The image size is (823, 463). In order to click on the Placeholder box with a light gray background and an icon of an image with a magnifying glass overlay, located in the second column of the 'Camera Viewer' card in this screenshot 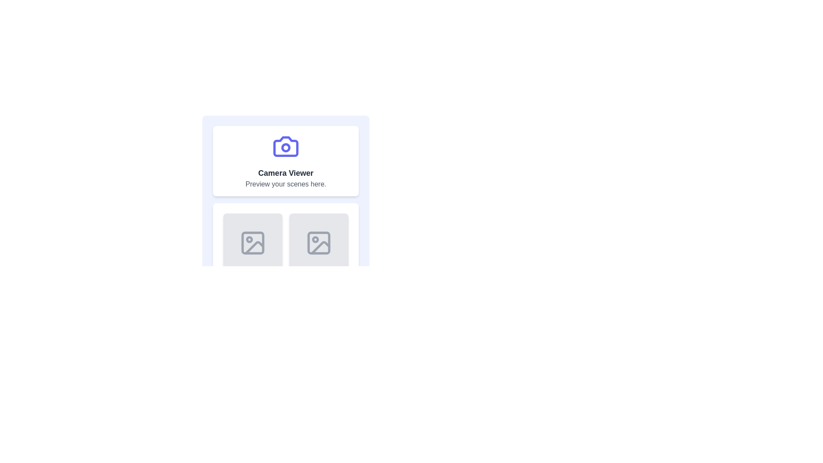, I will do `click(318, 243)`.